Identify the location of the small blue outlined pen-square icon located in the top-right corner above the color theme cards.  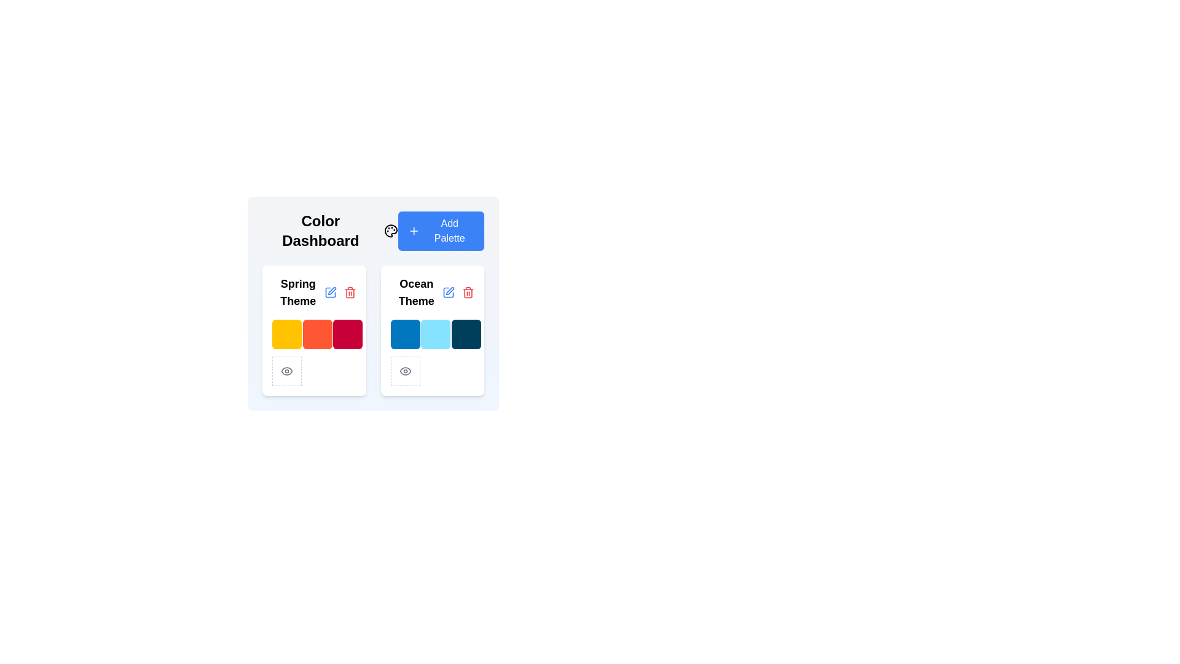
(449, 291).